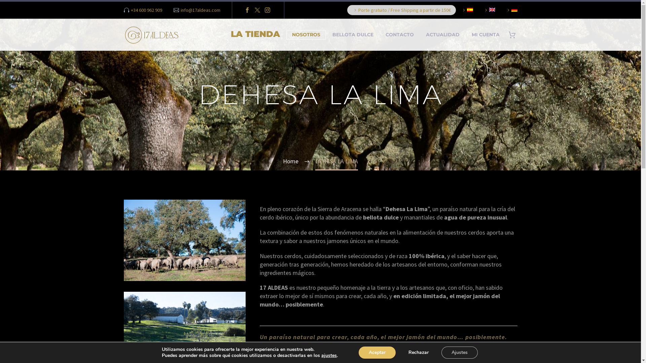  What do you see at coordinates (358, 352) in the screenshot?
I see `'Aceptar'` at bounding box center [358, 352].